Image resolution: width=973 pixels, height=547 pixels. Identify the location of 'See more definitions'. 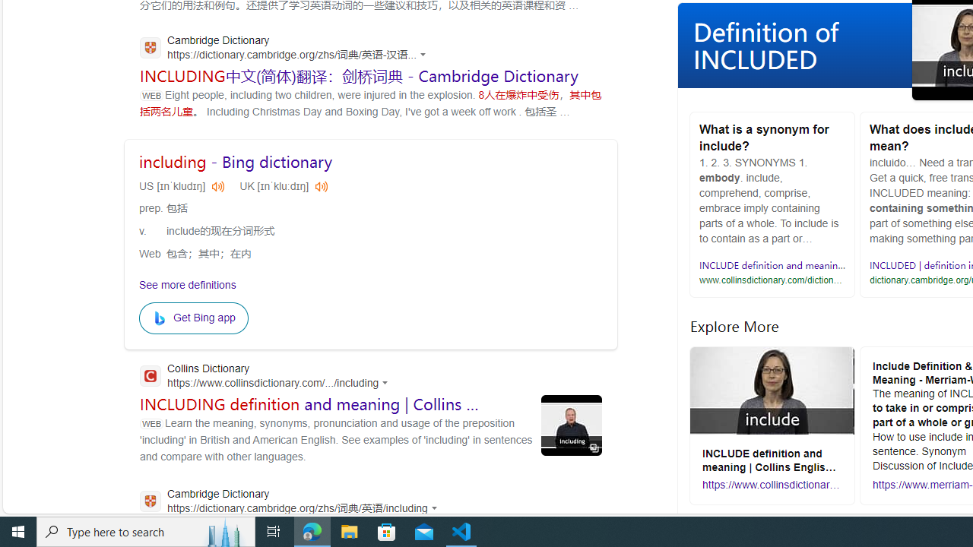
(187, 284).